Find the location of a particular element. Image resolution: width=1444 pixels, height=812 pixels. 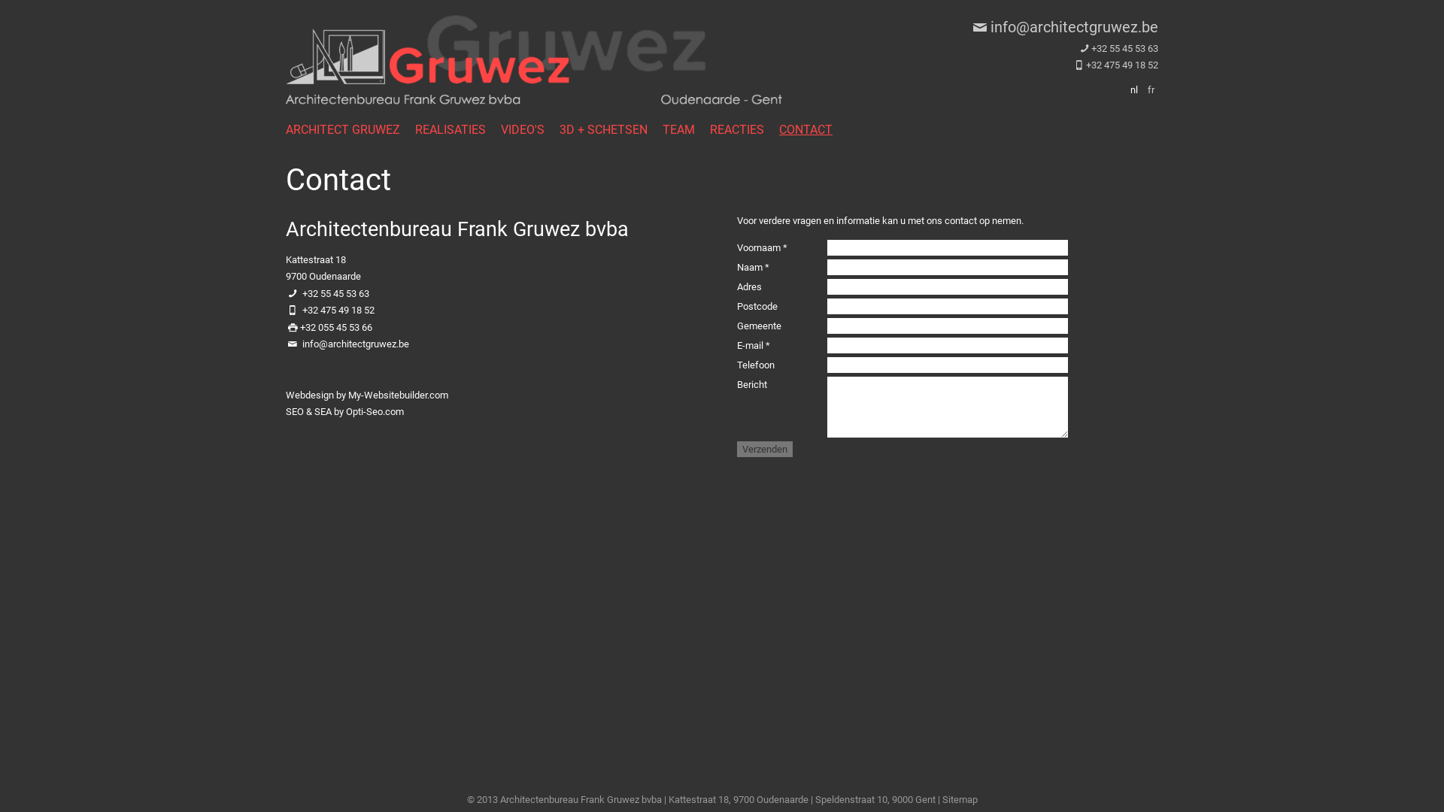

'nl' is located at coordinates (1133, 89).